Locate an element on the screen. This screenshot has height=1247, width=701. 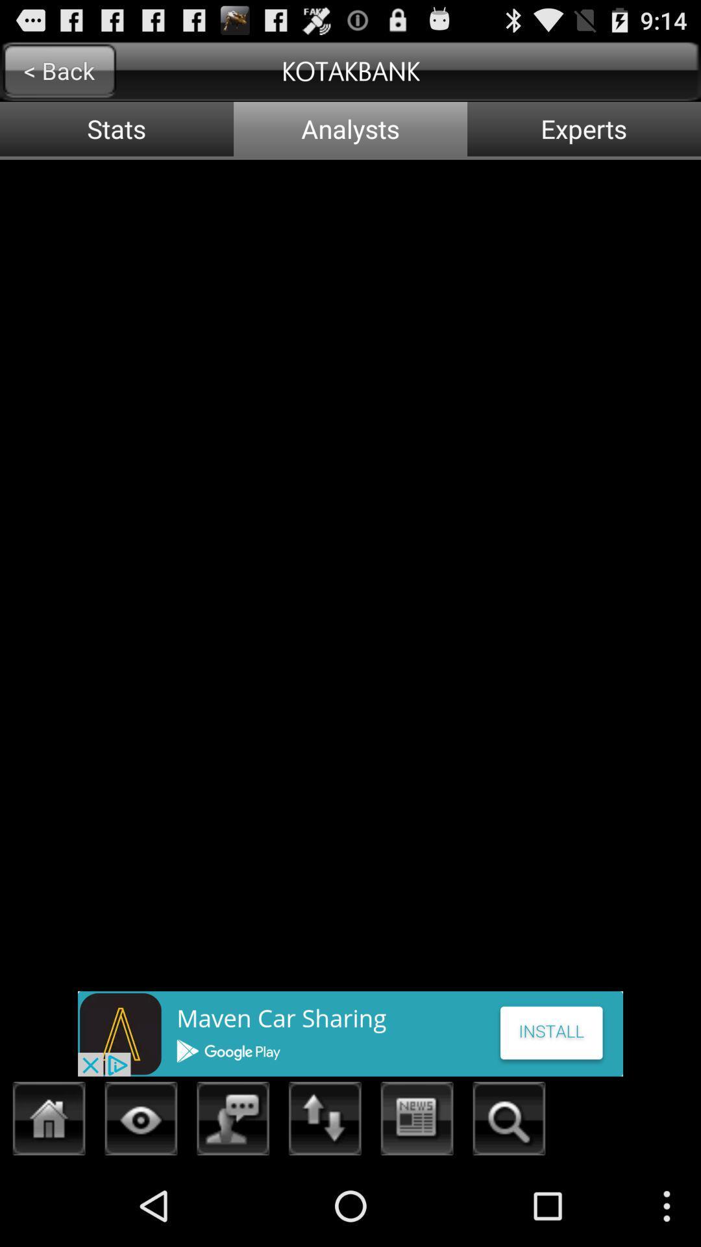
the search icon is located at coordinates (508, 1200).